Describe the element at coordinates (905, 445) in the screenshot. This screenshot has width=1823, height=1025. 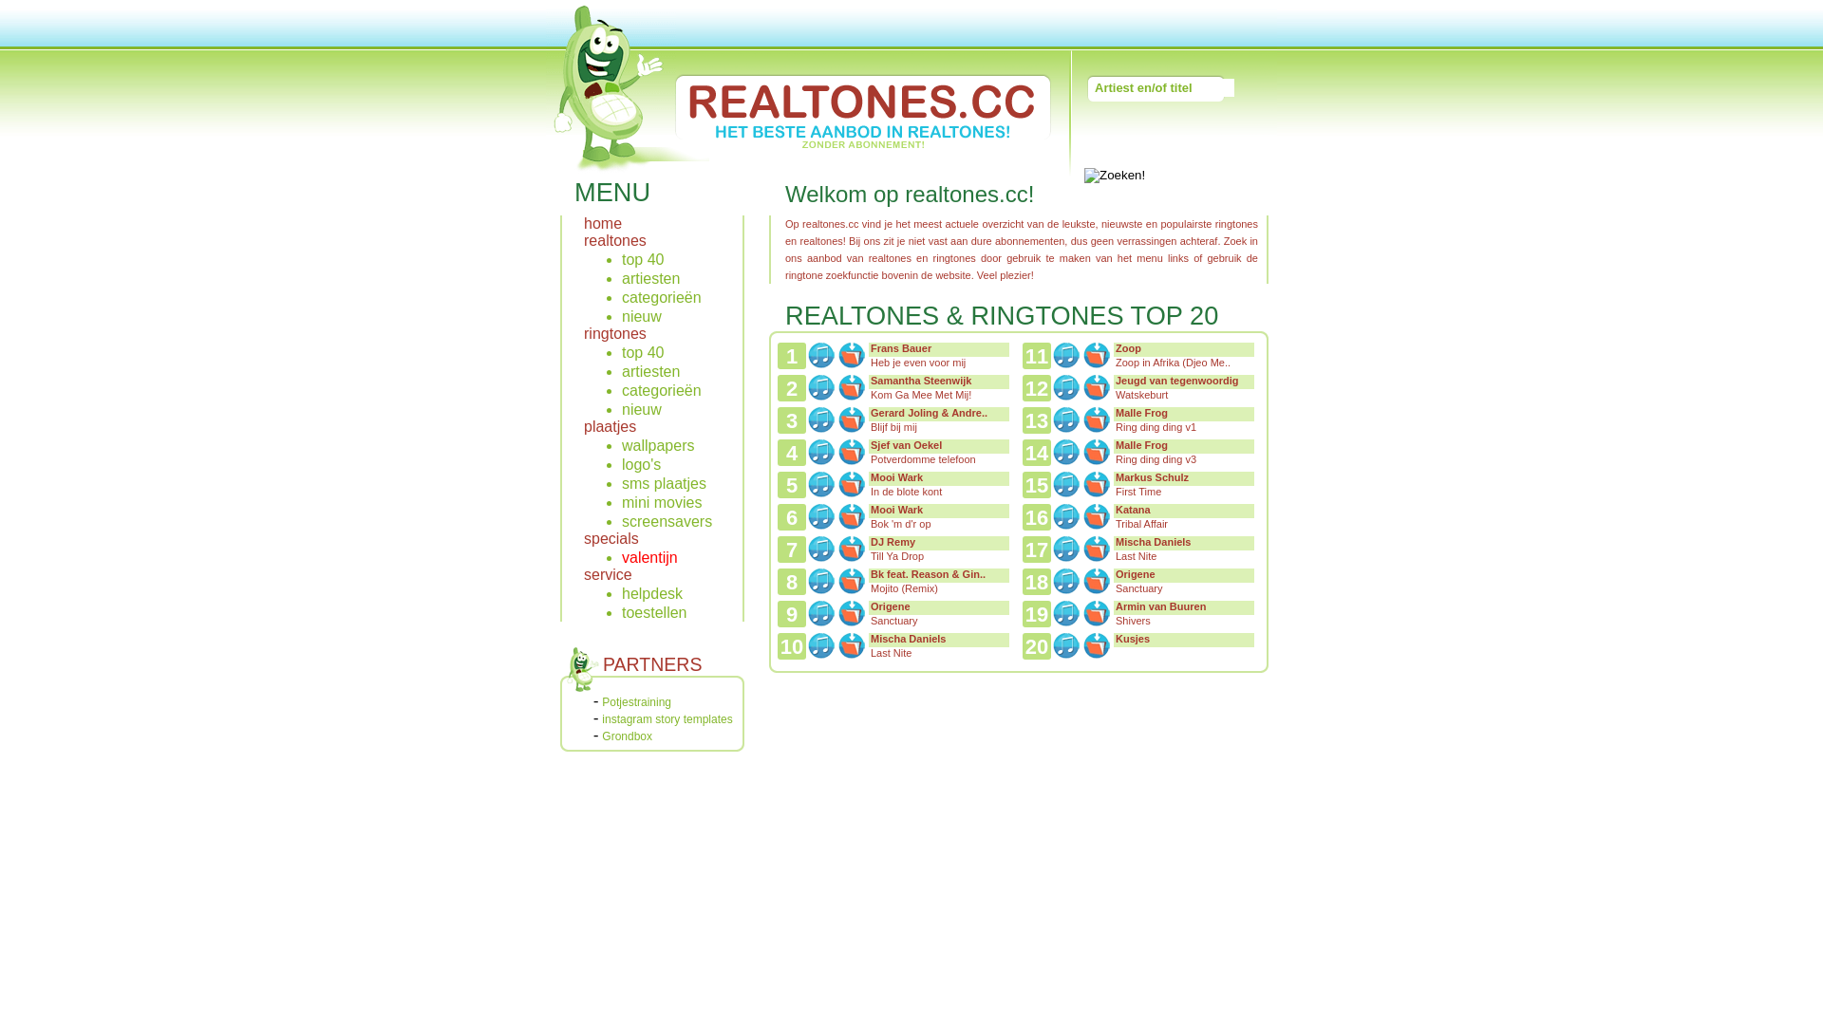
I see `'Sjef van Oekel'` at that location.